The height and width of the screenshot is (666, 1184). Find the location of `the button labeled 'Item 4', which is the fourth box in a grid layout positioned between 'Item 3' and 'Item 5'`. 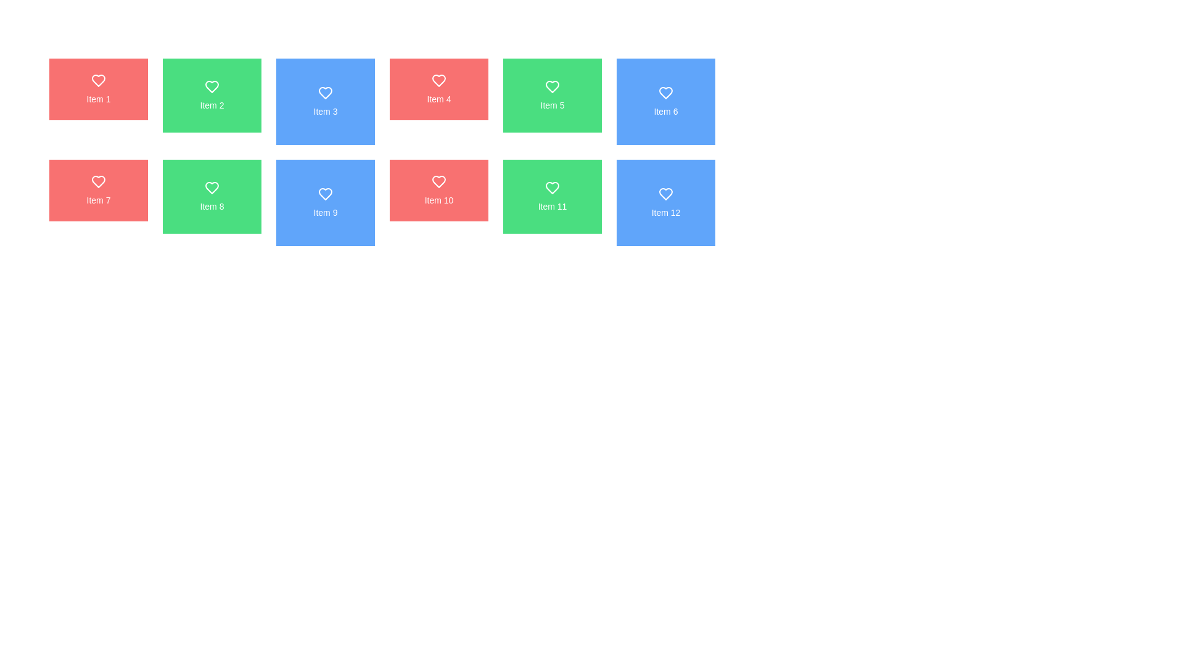

the button labeled 'Item 4', which is the fourth box in a grid layout positioned between 'Item 3' and 'Item 5' is located at coordinates (438, 89).